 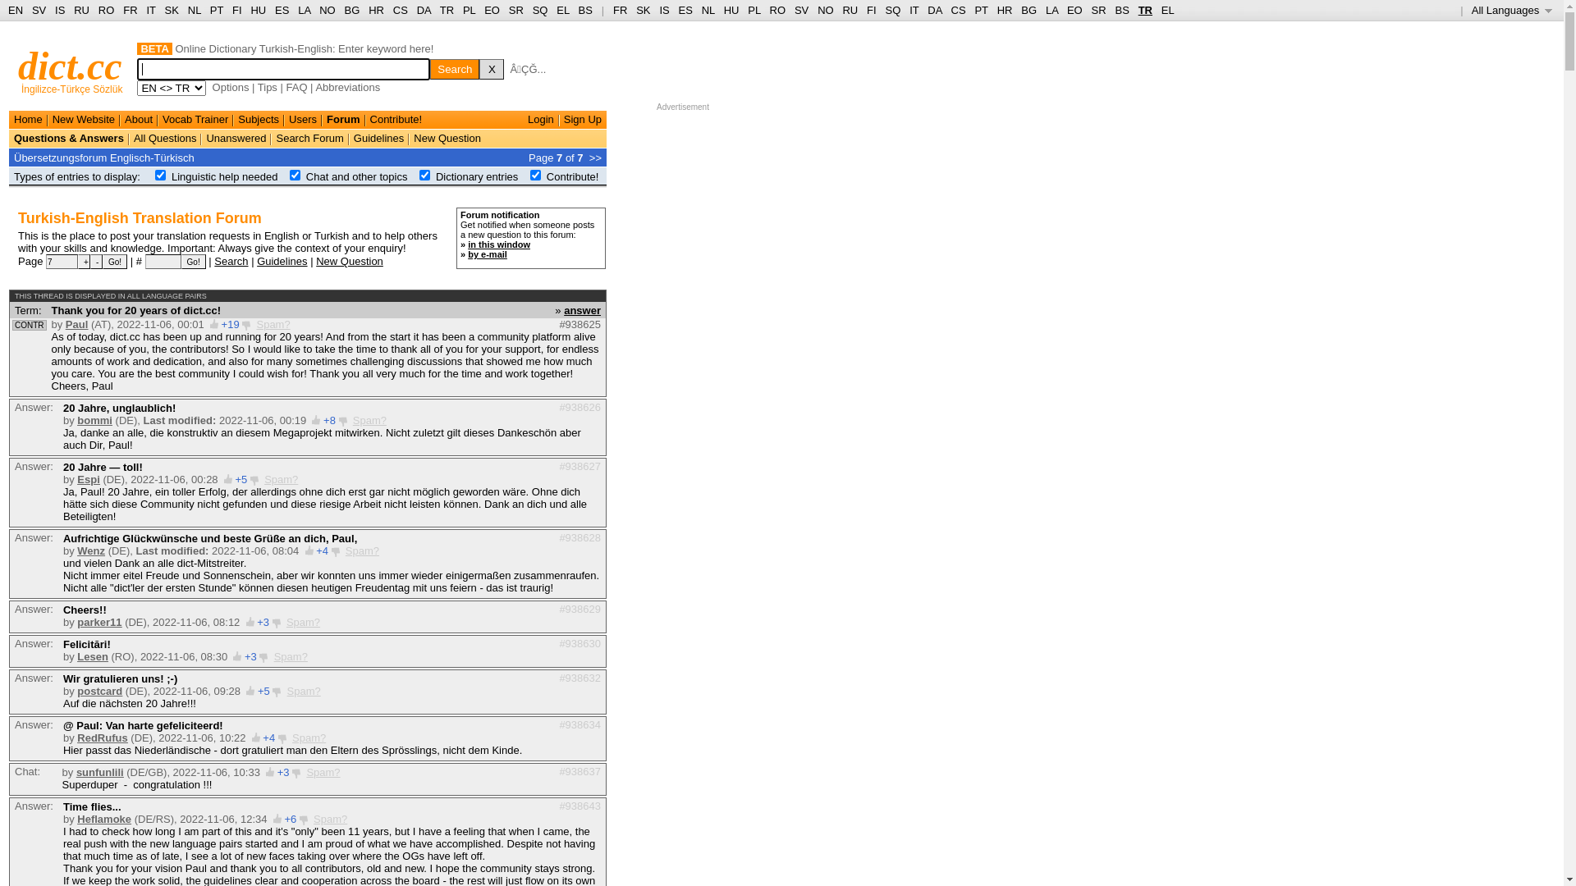 What do you see at coordinates (351, 10) in the screenshot?
I see `'BG'` at bounding box center [351, 10].